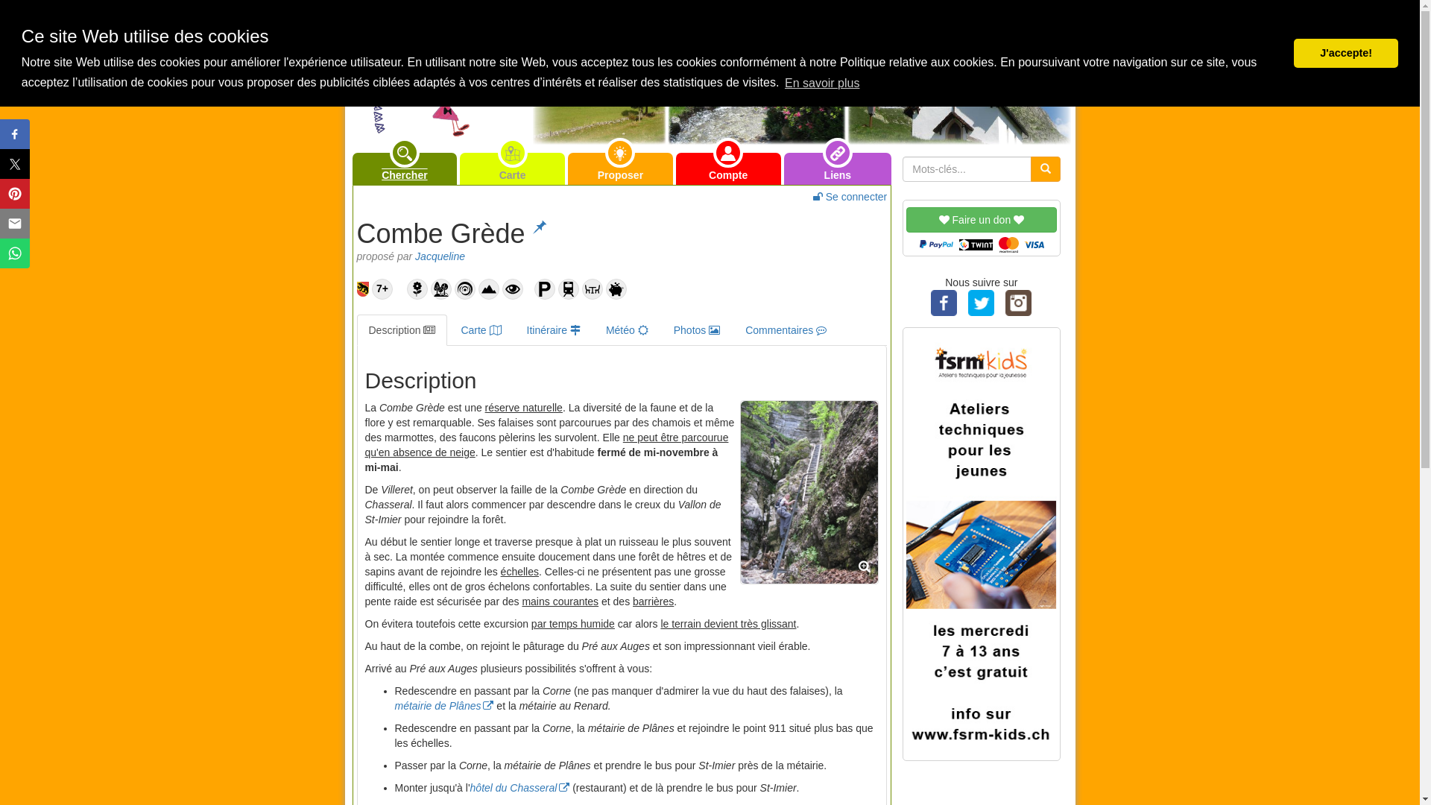  I want to click on 'Suivre balades-en-famille.ch sur instagram', so click(1018, 302).